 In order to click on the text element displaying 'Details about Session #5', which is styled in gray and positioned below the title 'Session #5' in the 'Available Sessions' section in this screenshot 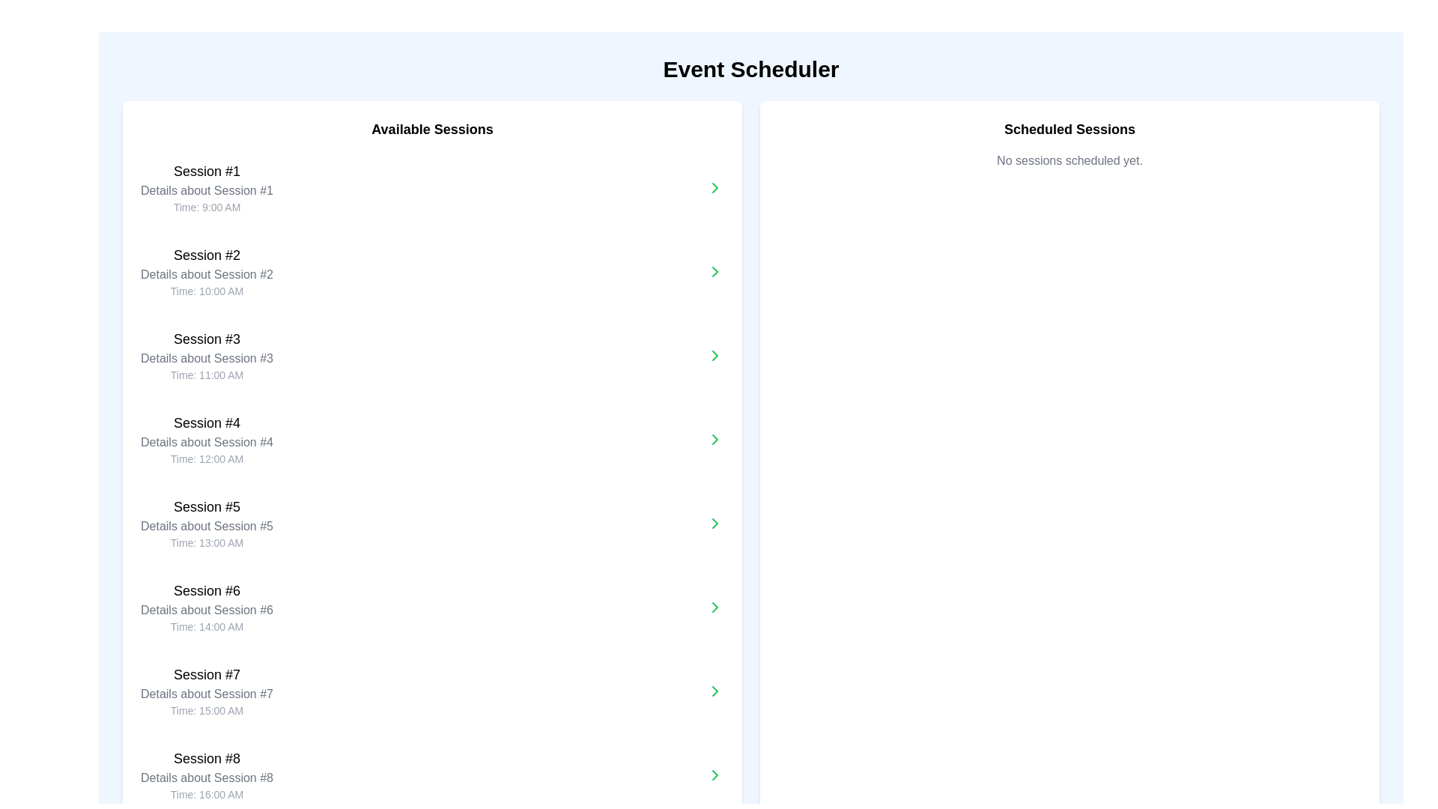, I will do `click(206, 525)`.